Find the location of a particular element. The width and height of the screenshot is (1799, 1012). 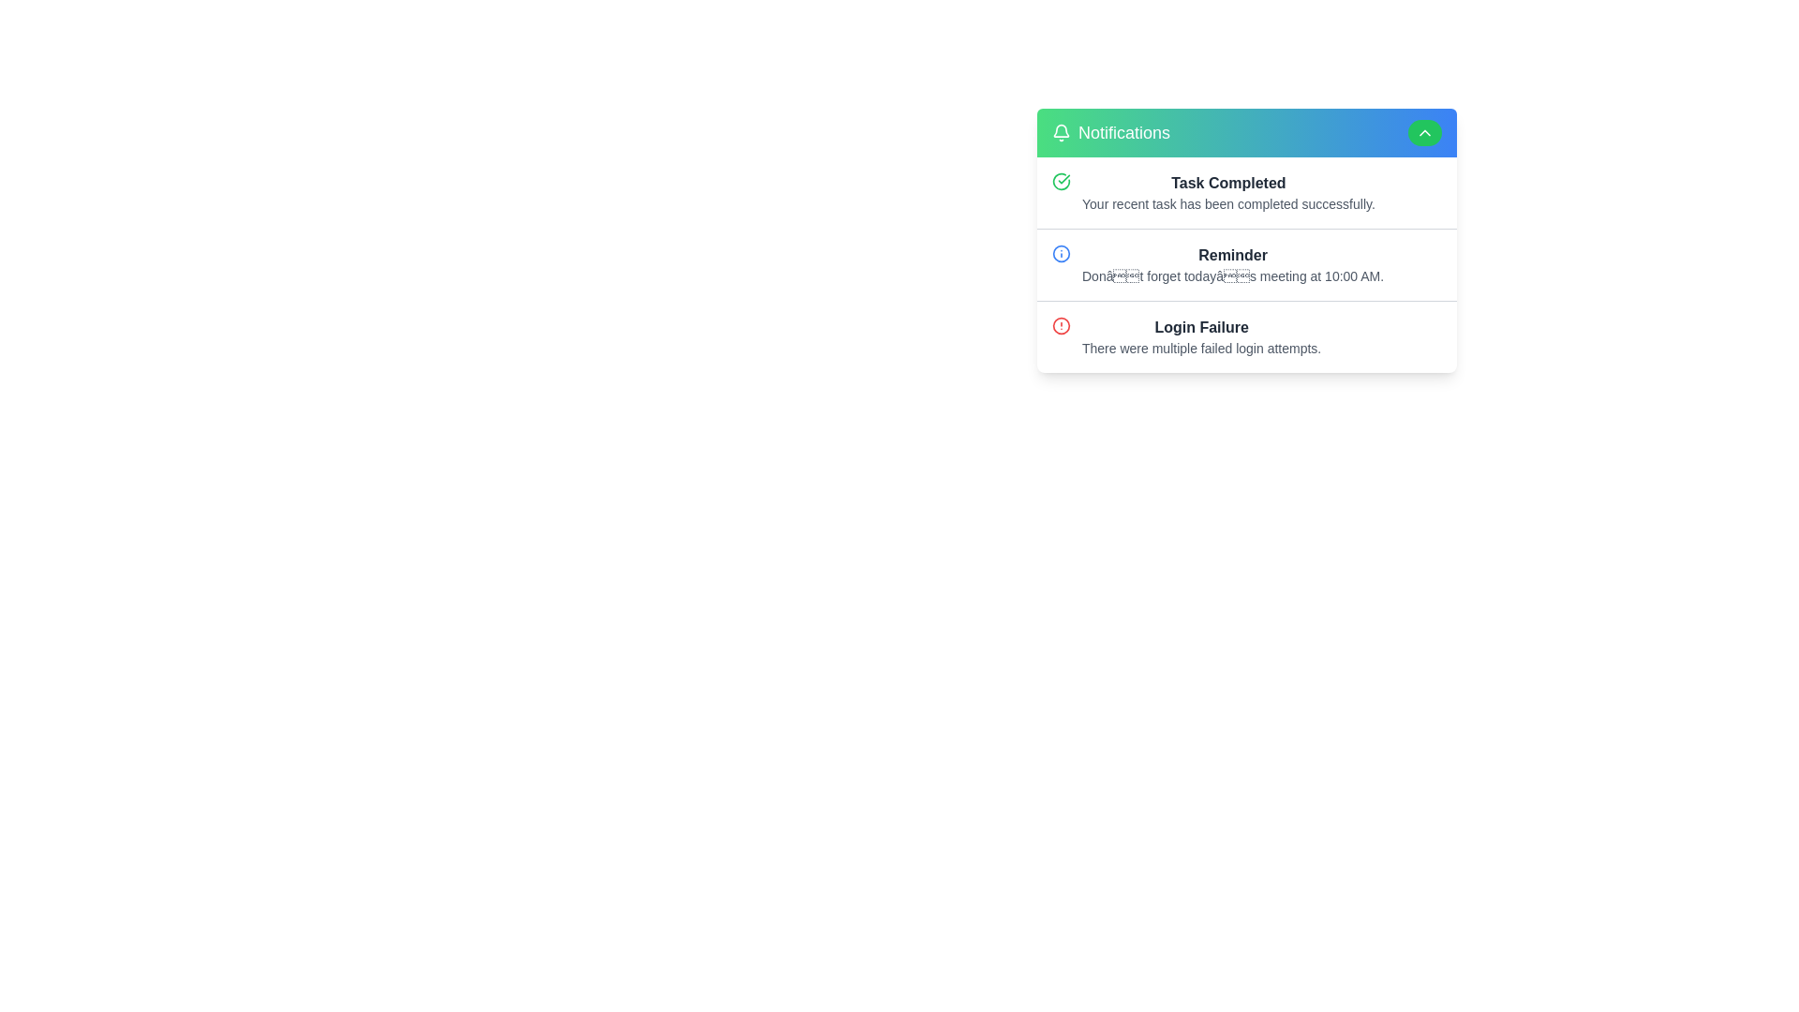

the text label that says 'Your recent task has been completed successfully,' which is located directly below the title 'Task Completed' in the notification card is located at coordinates (1228, 204).